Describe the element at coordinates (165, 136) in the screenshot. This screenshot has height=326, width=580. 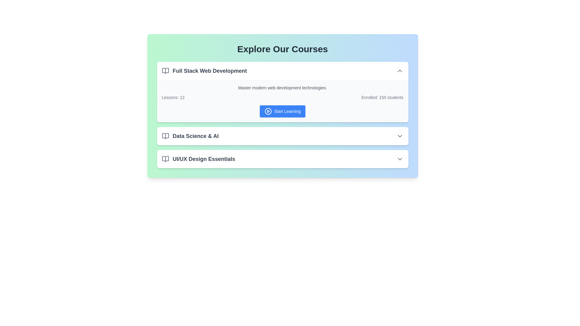
I see `the open book icon styled with a gray color scheme, which is part of the list entry titled 'Data Science & AI', located to the left of the text within the course list` at that location.